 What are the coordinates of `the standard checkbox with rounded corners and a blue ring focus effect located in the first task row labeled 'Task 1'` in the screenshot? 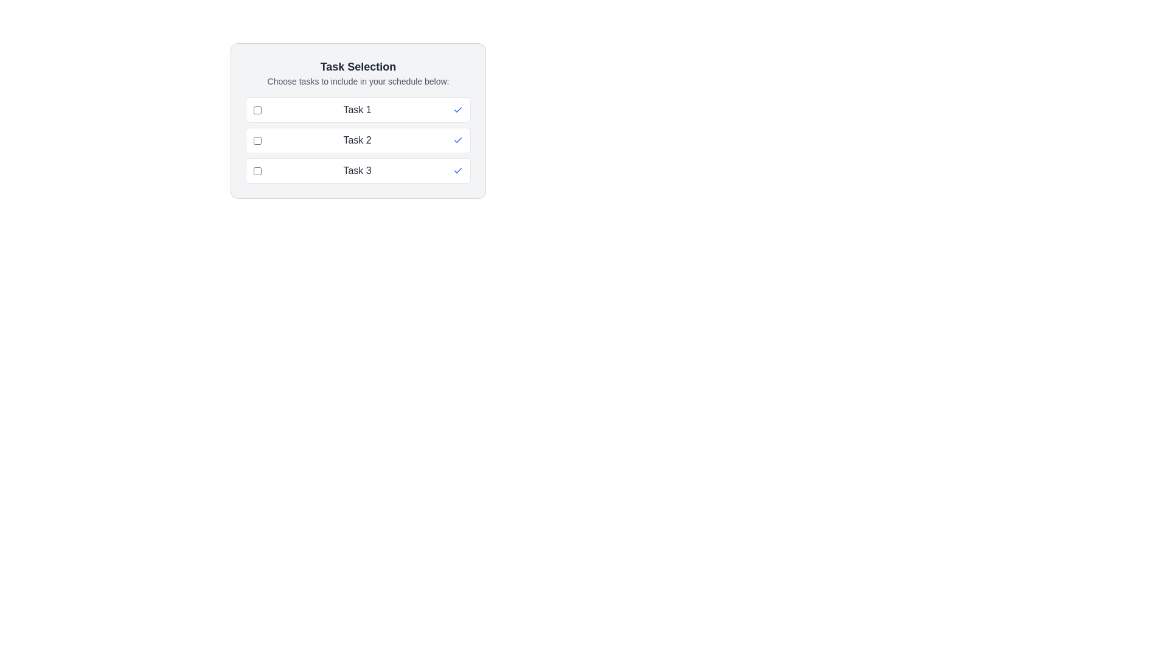 It's located at (257, 110).